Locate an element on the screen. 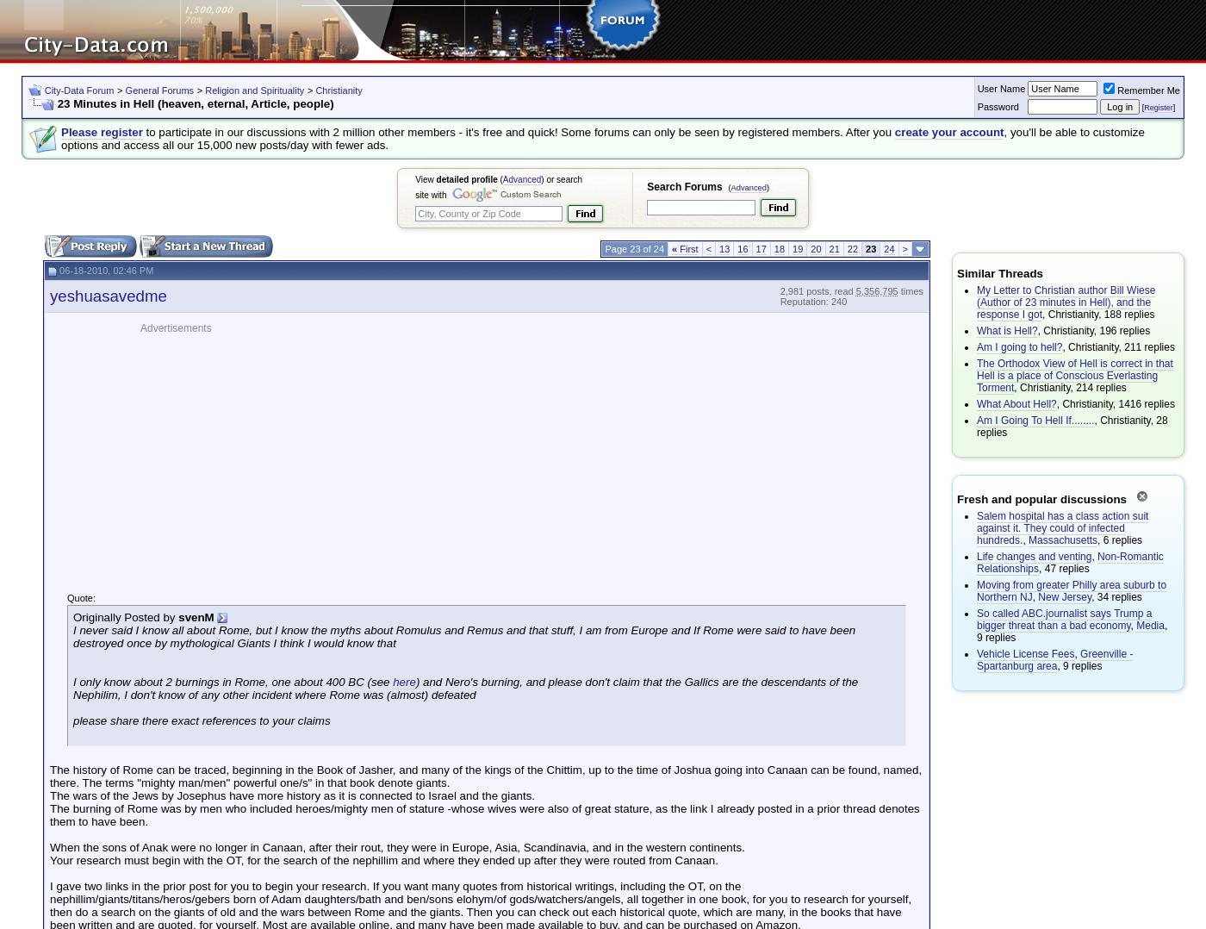  'The wars of the Jews by Josephus have more history as it is connected to Israel and the giants.' is located at coordinates (292, 795).